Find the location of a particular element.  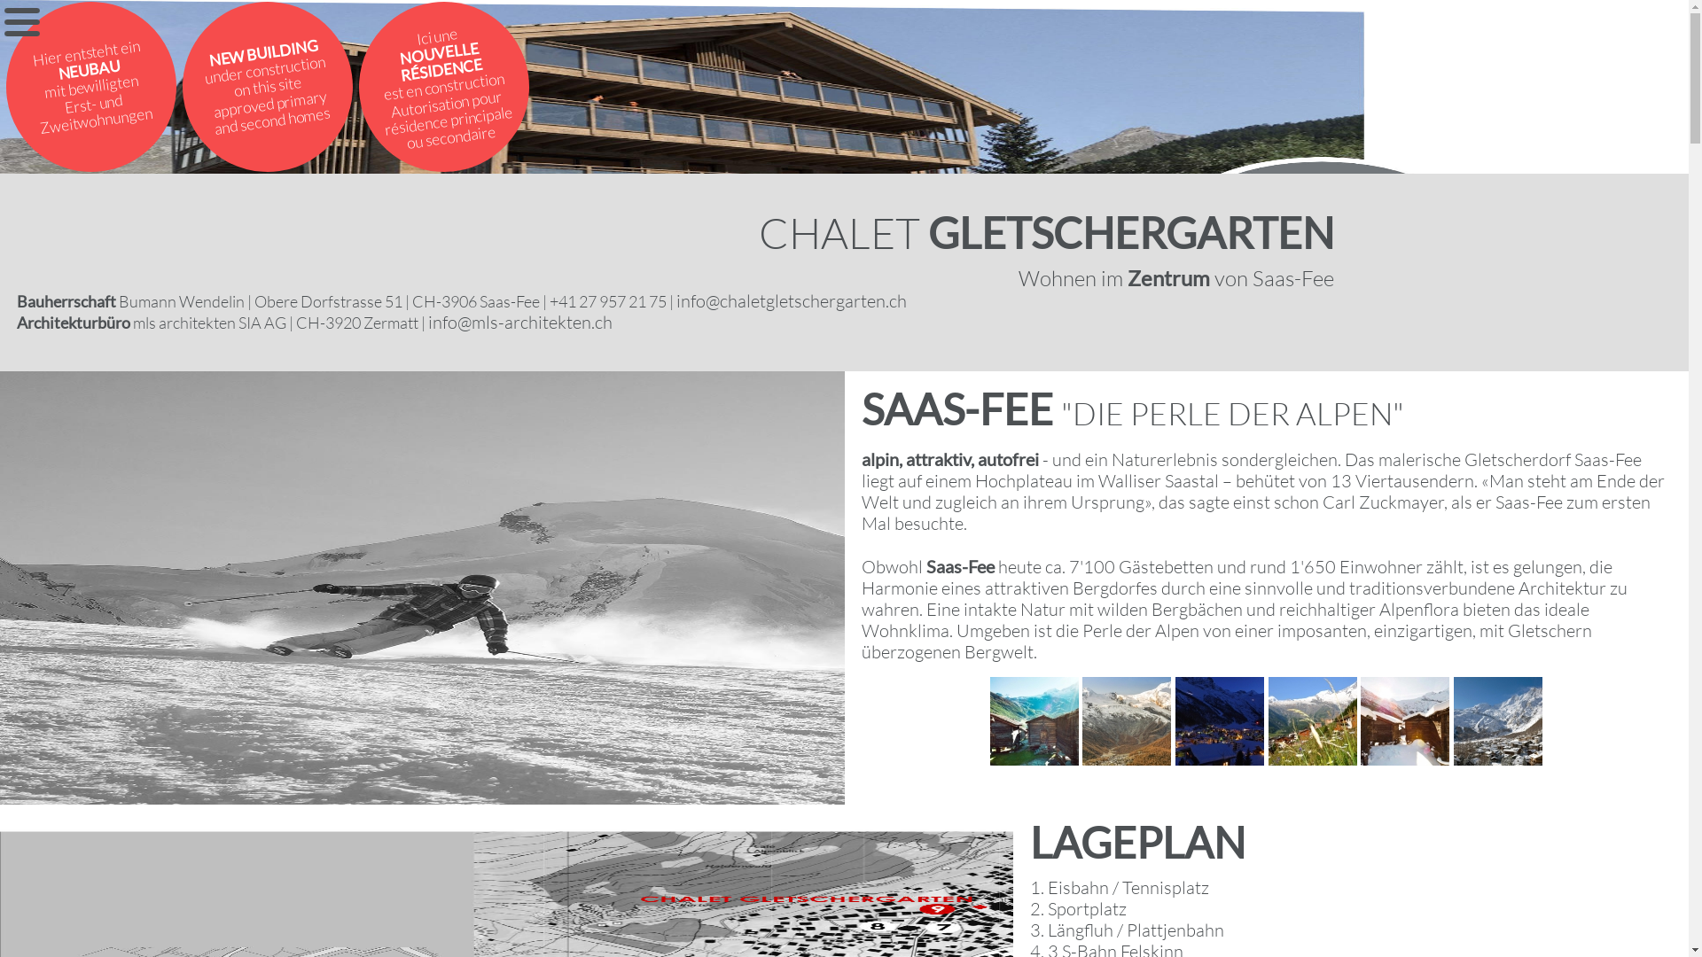

'You are viewing the image with filename 6.jpg' is located at coordinates (1454, 720).